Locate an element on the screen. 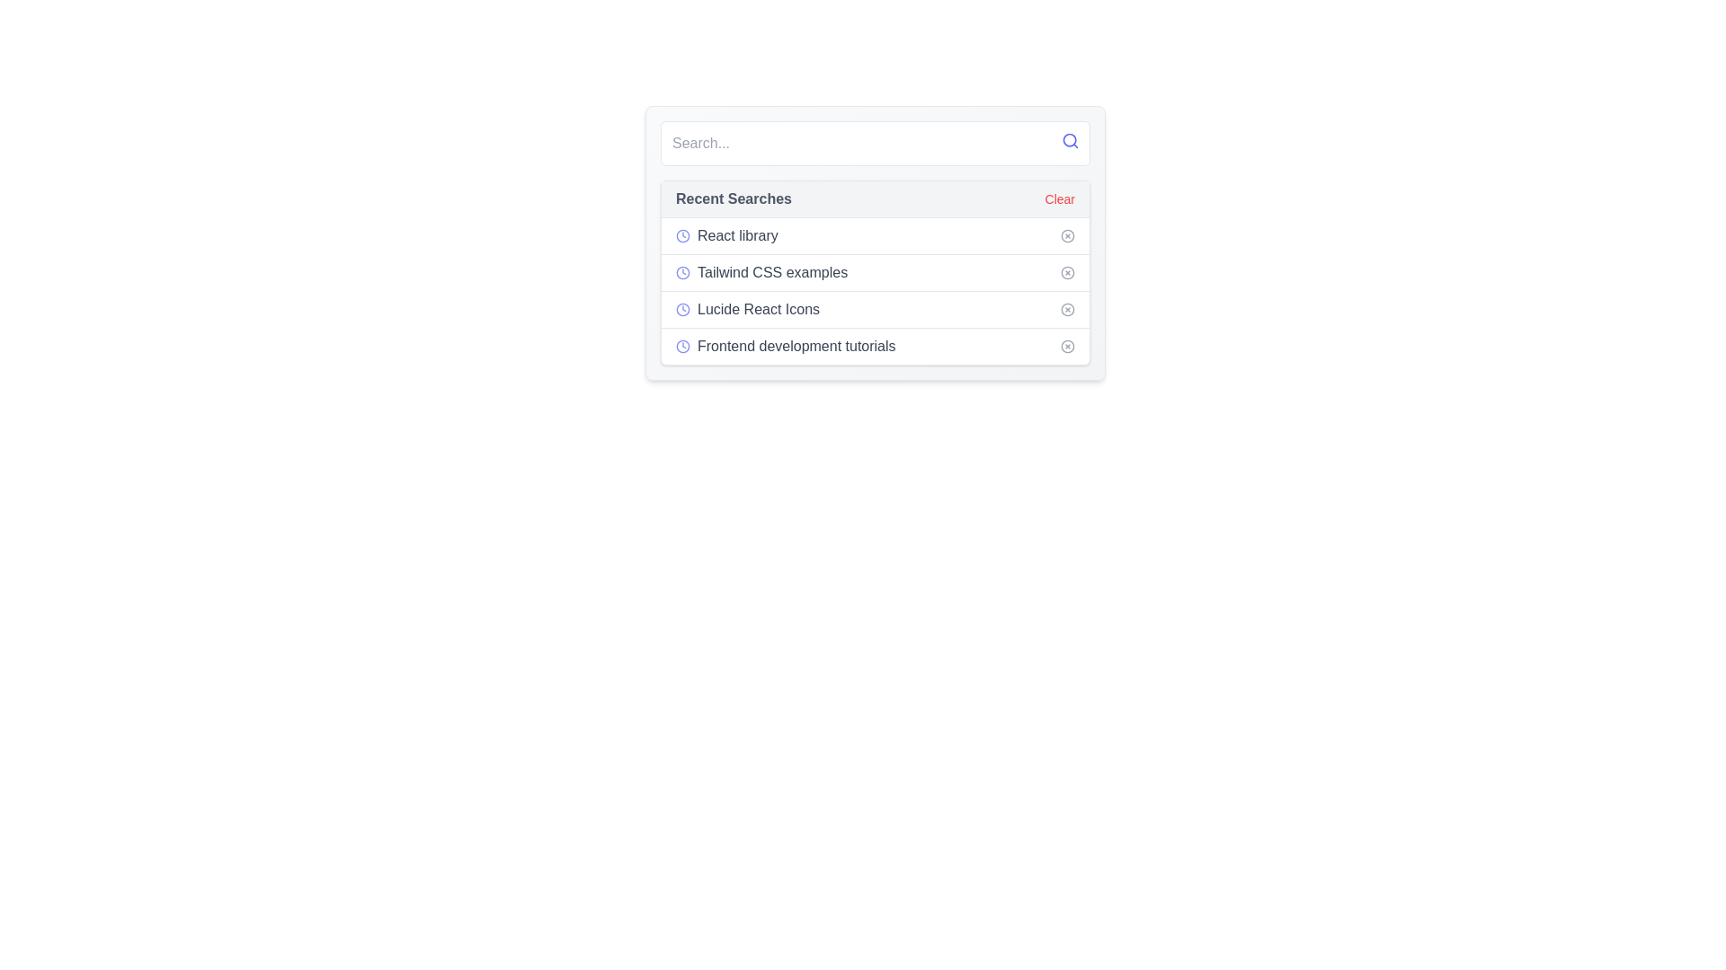 The image size is (1726, 970). the appearance of the SVG circle icon associated with 'Lucide React Icons' located in the 'Recent Searches' list, positioned to the left of the text label is located at coordinates (681, 308).